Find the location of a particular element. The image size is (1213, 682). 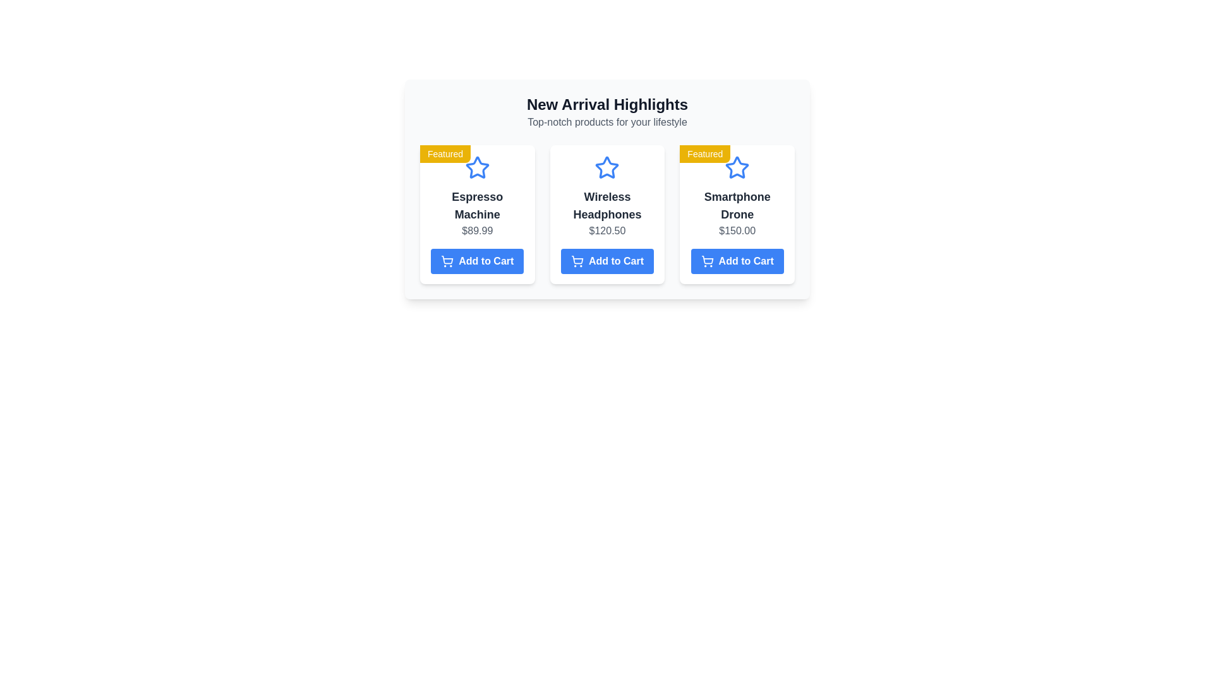

the rectangular label with a yellow background and white text reading 'Featured', located at the top-left corner of the first product card is located at coordinates (445, 153).